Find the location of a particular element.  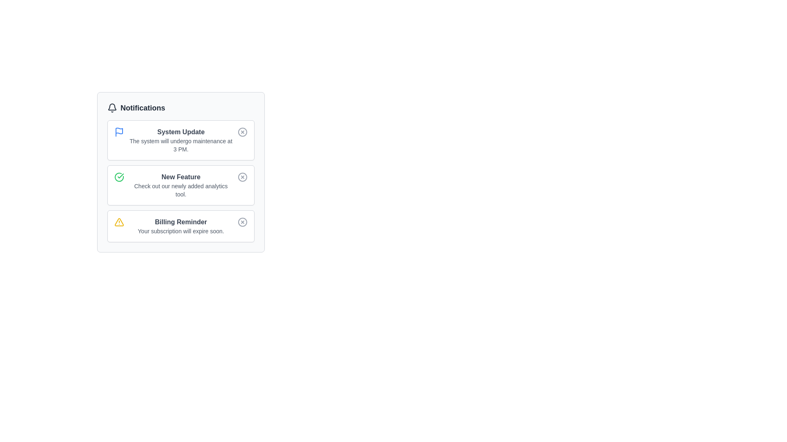

information displayed in the text component showing 'The system will undergo maintenance at 3 PM.' located under the heading 'System Update' in the first notification card is located at coordinates (180, 144).